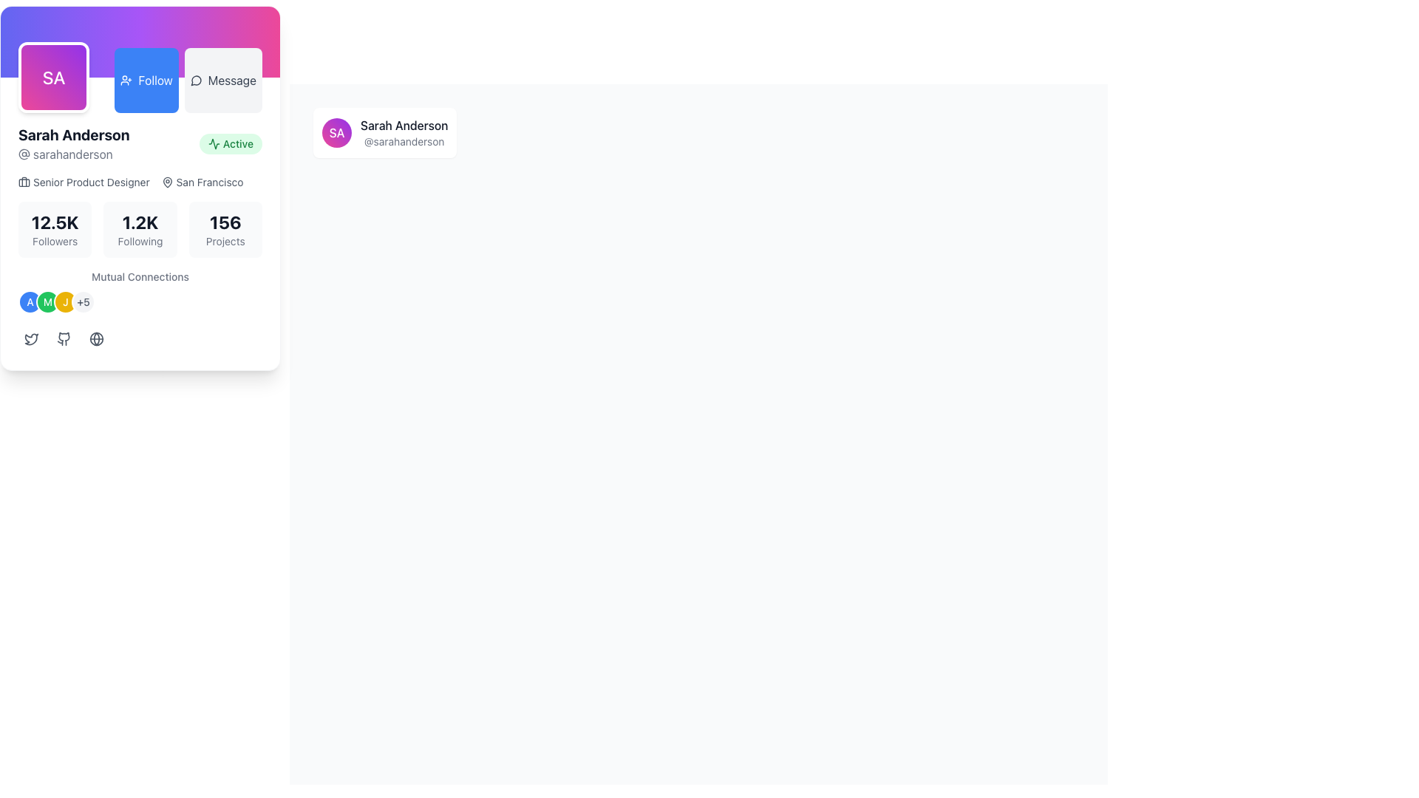 The height and width of the screenshot is (798, 1419). What do you see at coordinates (140, 181) in the screenshot?
I see `the informational text element displaying the job title 'Senior Product Designer' and location 'San Francisco' for the profile owner Sarah Anderson, located below the account name and above the follower statistics` at bounding box center [140, 181].